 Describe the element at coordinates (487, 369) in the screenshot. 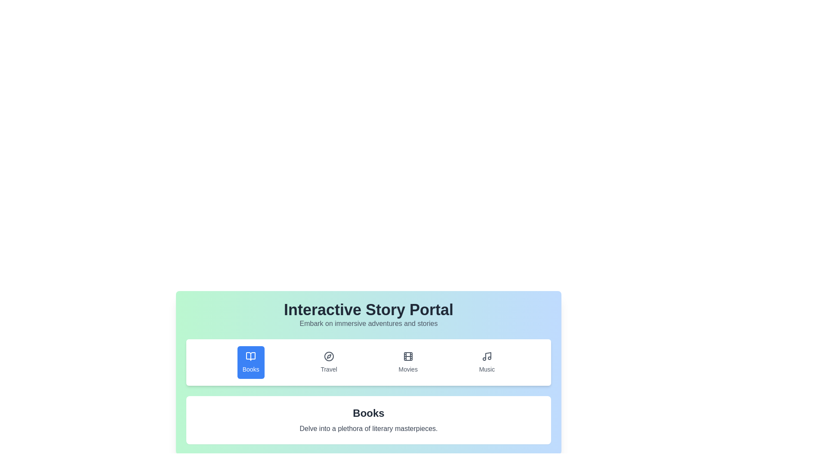

I see `the 'Music' text label, which is styled with a smaller, medium-weight font and positioned underneath a music icon in a horizontal navigation row` at that location.